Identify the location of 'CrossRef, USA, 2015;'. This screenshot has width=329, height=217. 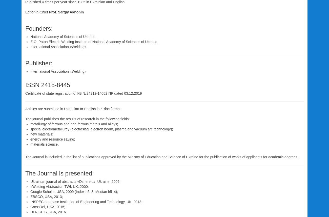
(48, 207).